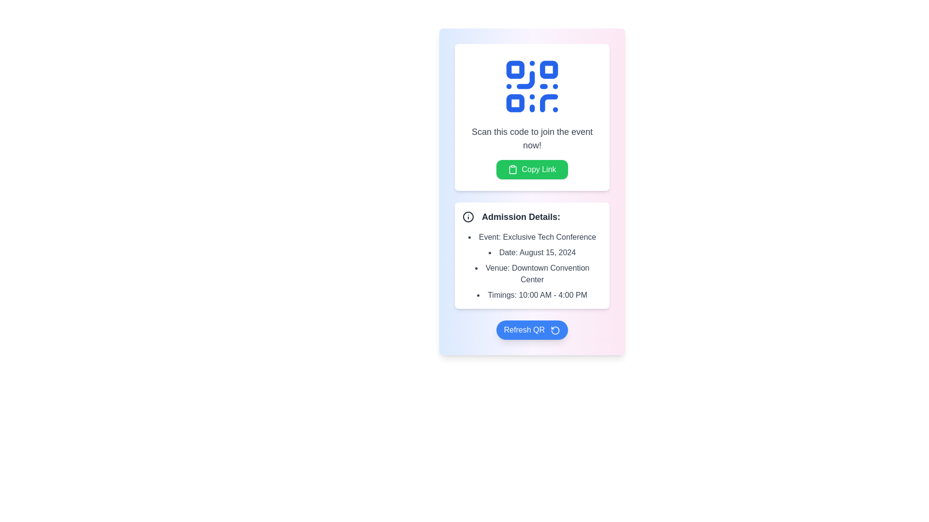  What do you see at coordinates (531, 138) in the screenshot?
I see `the text label that says 'Scan this code to join the event now!', which is styled in gray and located below the QR code and above the 'Copy Link' button` at bounding box center [531, 138].